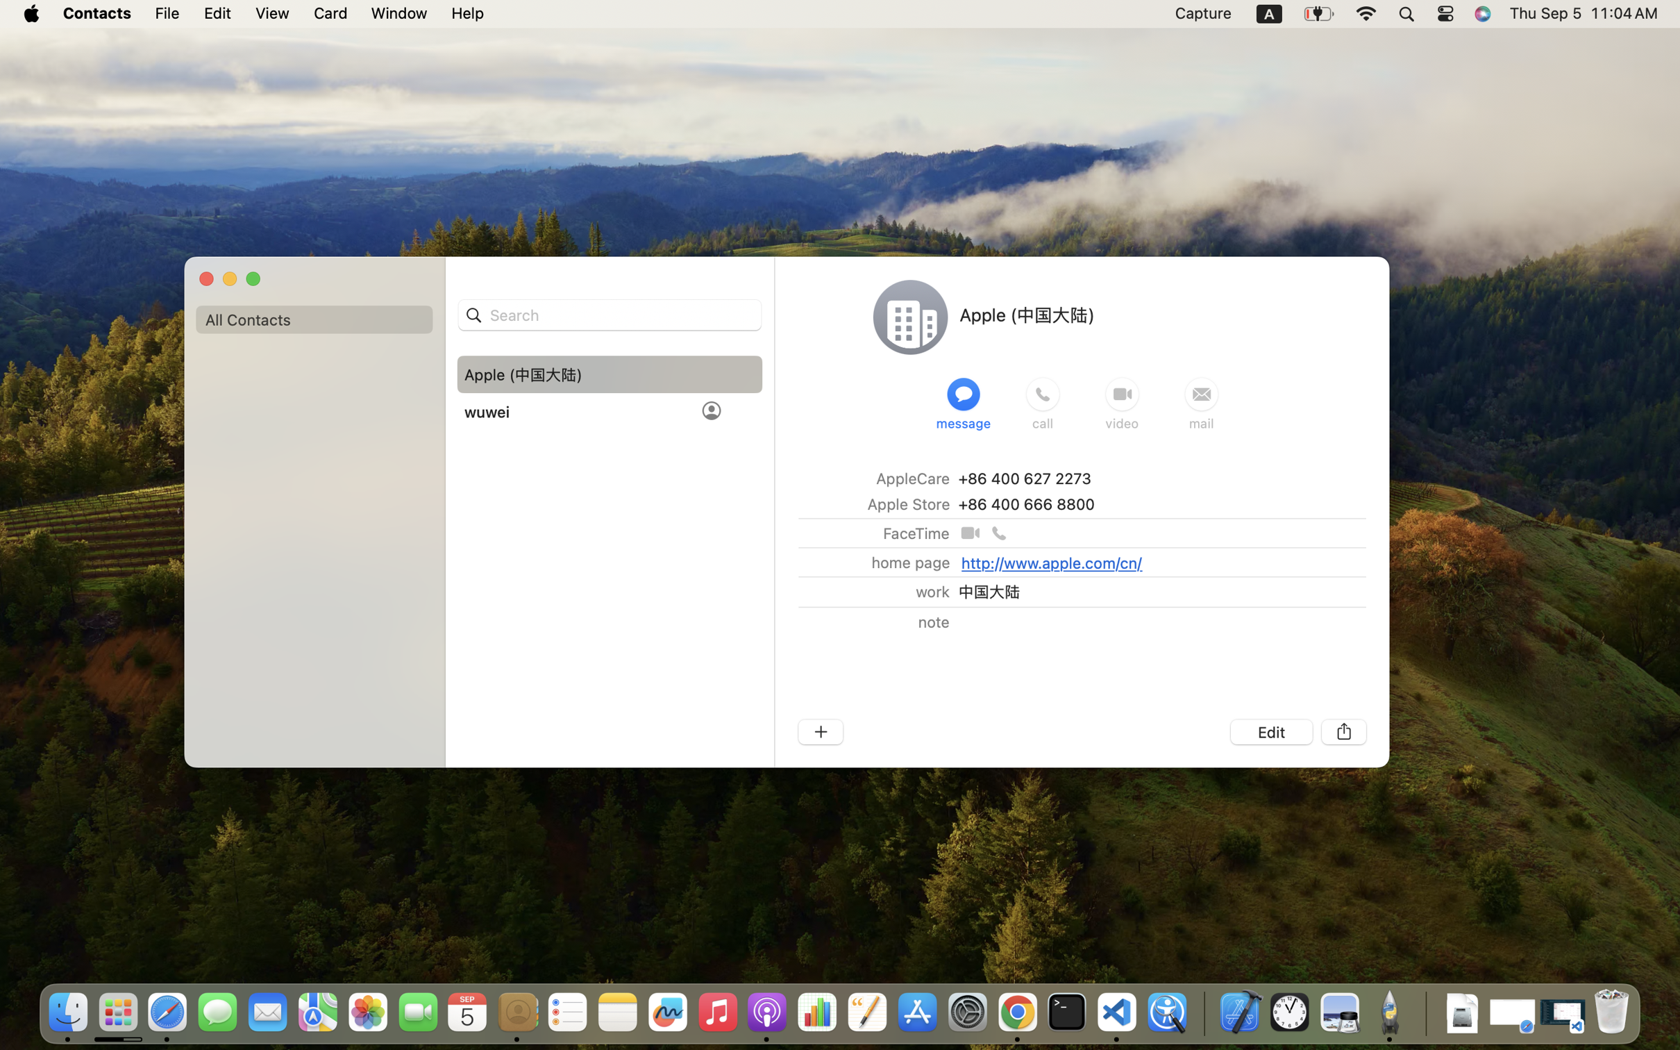 This screenshot has height=1050, width=1680. Describe the element at coordinates (1024, 477) in the screenshot. I see `'‭+86 400 627 2273‬'` at that location.